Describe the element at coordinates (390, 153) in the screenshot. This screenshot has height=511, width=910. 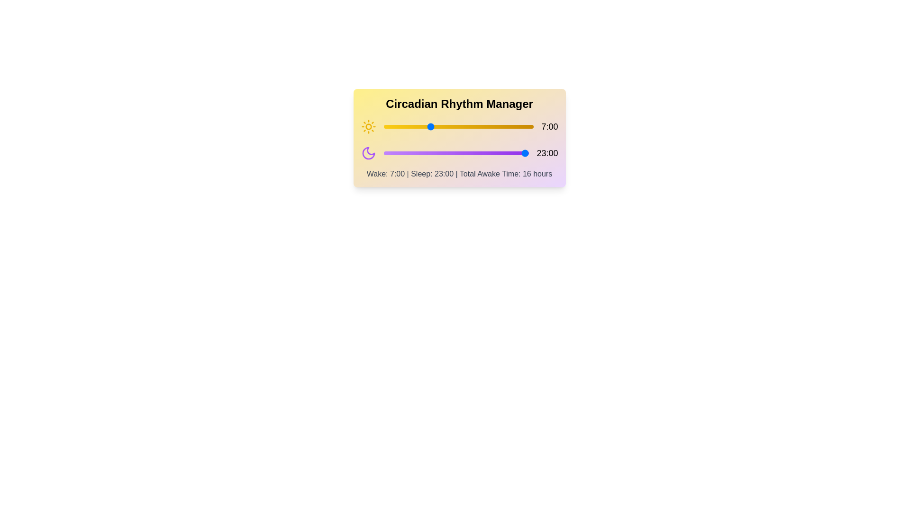
I see `the sleep hour slider to 1` at that location.